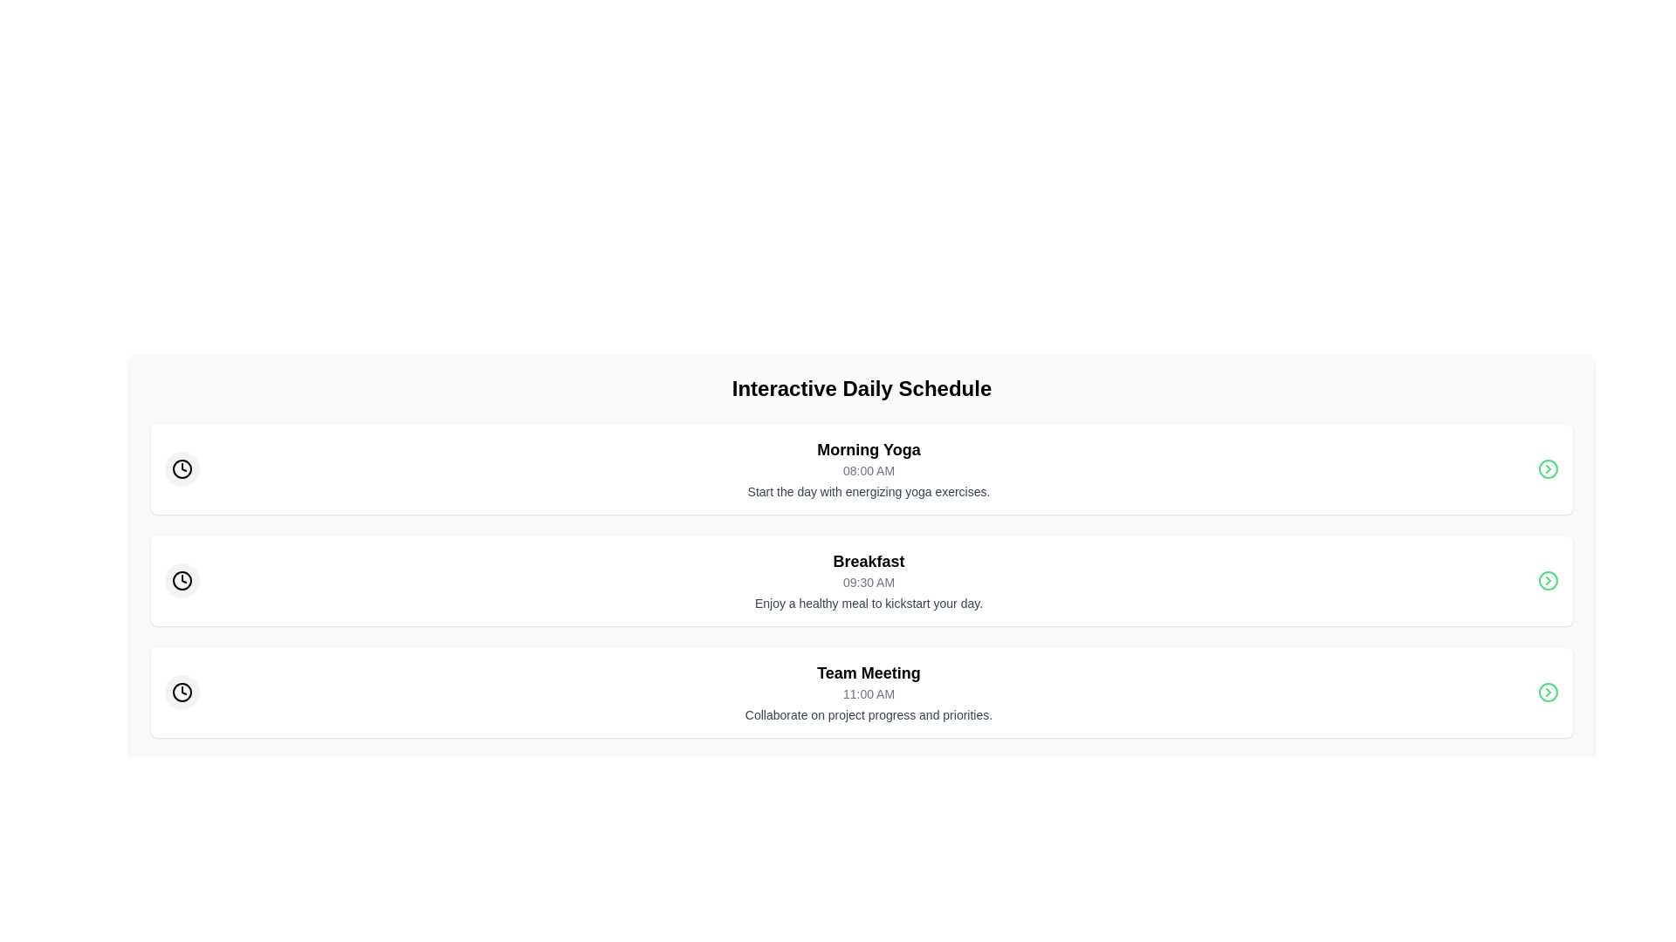 This screenshot has width=1676, height=942. What do you see at coordinates (869, 602) in the screenshot?
I see `descriptive text label located below the '09:30 AM' subheading of the 'Breakfast' activity in the daily schedule` at bounding box center [869, 602].